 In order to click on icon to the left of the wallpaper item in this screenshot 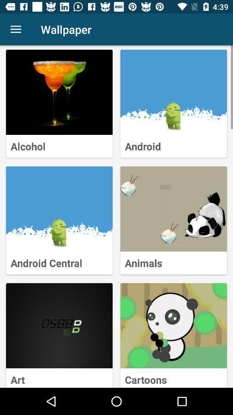, I will do `click(16, 29)`.